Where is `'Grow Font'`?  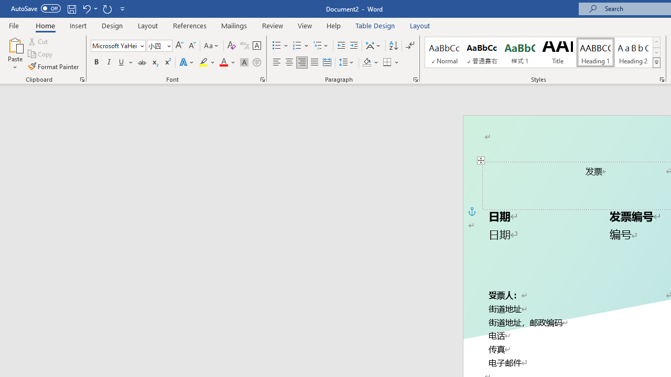
'Grow Font' is located at coordinates (179, 45).